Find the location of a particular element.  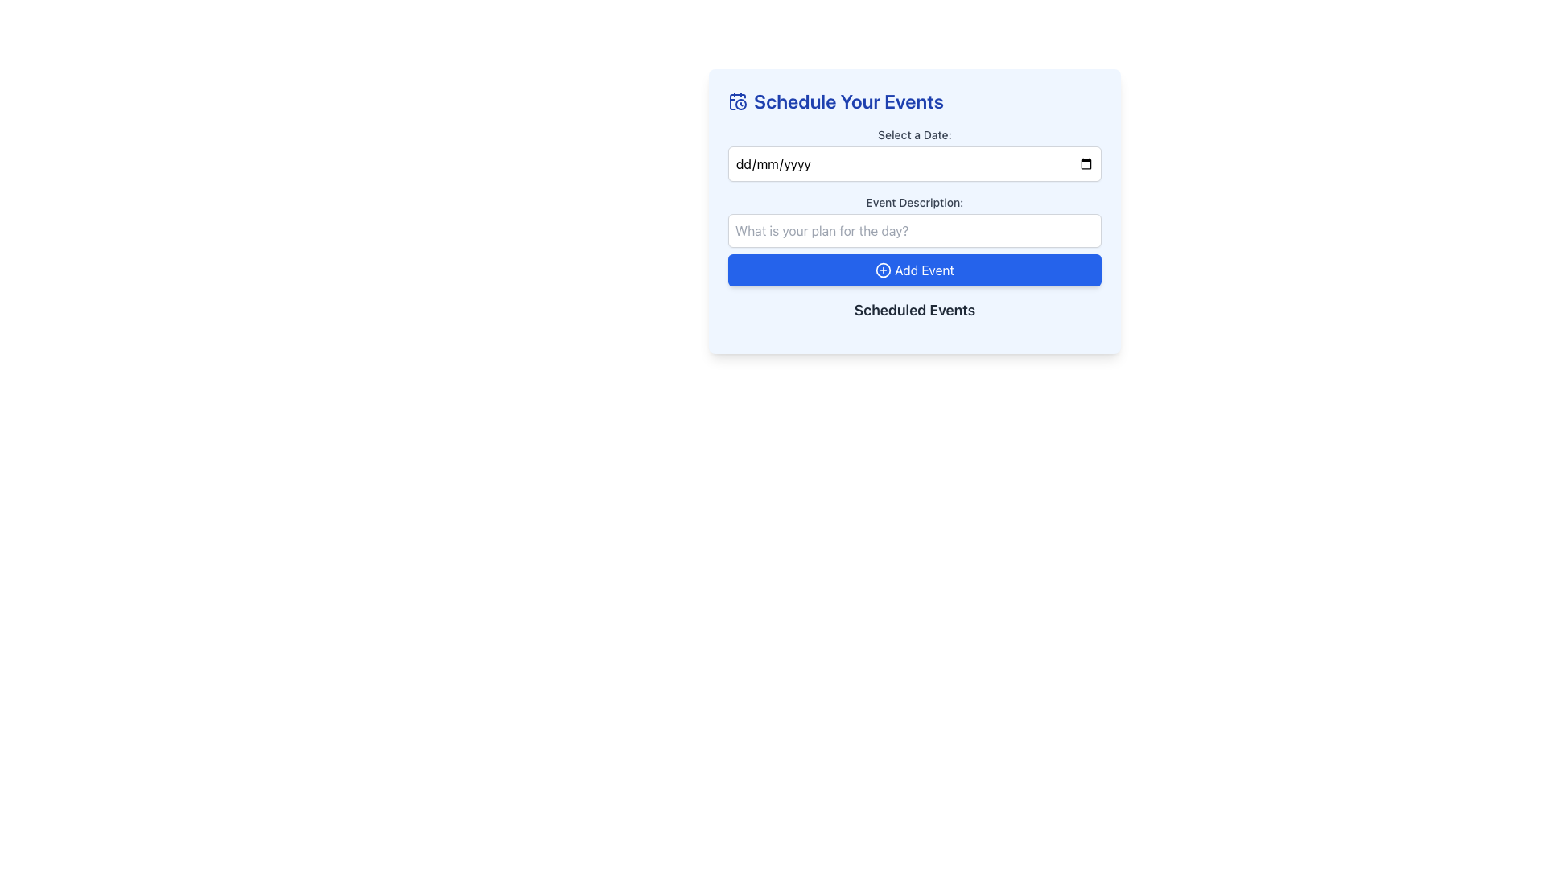

Circle SVG component that symbolizes the addition operation within the 'Add Event' button, located to the left of the 'Event Description' input field is located at coordinates (883, 269).